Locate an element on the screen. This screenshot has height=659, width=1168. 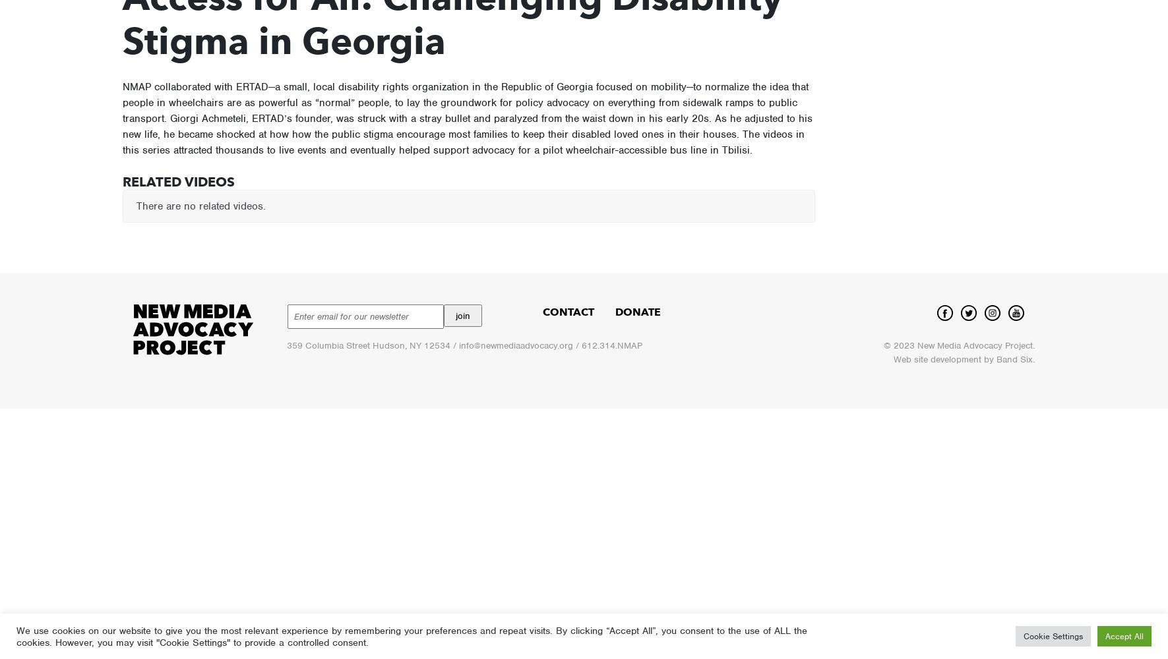
'Contact' is located at coordinates (567, 311).